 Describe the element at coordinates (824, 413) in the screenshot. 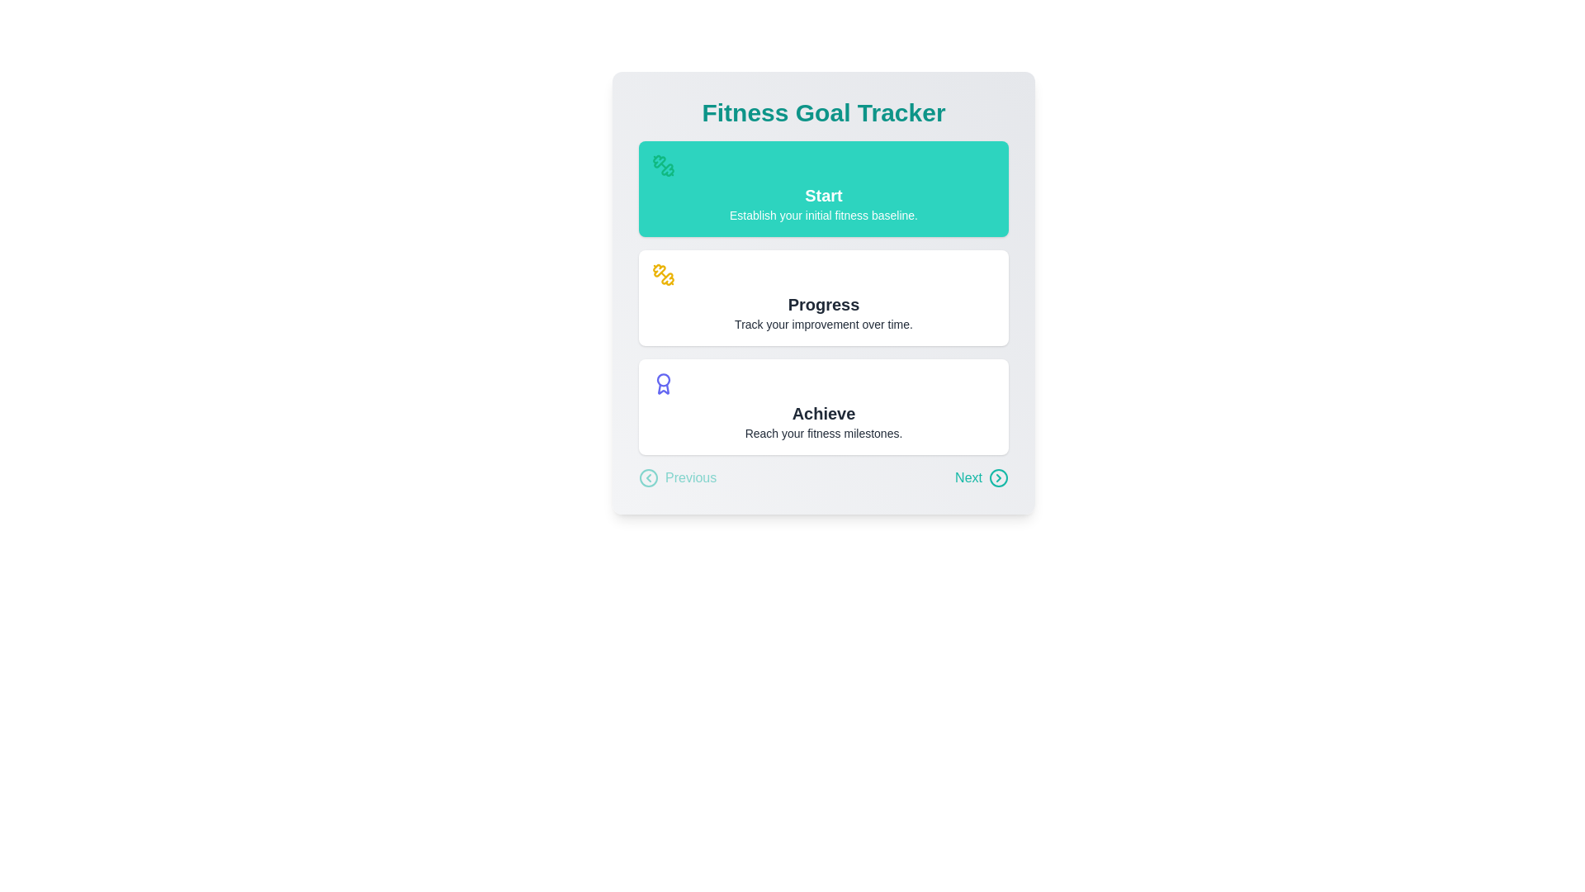

I see `the text label that serves as a title or heading within its section, which is centrally positioned above the text 'Reach your fitness milestones.'` at that location.